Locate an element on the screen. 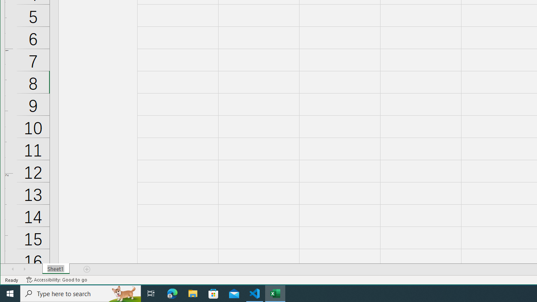 The image size is (537, 302). 'Scroll Left' is located at coordinates (13, 269).